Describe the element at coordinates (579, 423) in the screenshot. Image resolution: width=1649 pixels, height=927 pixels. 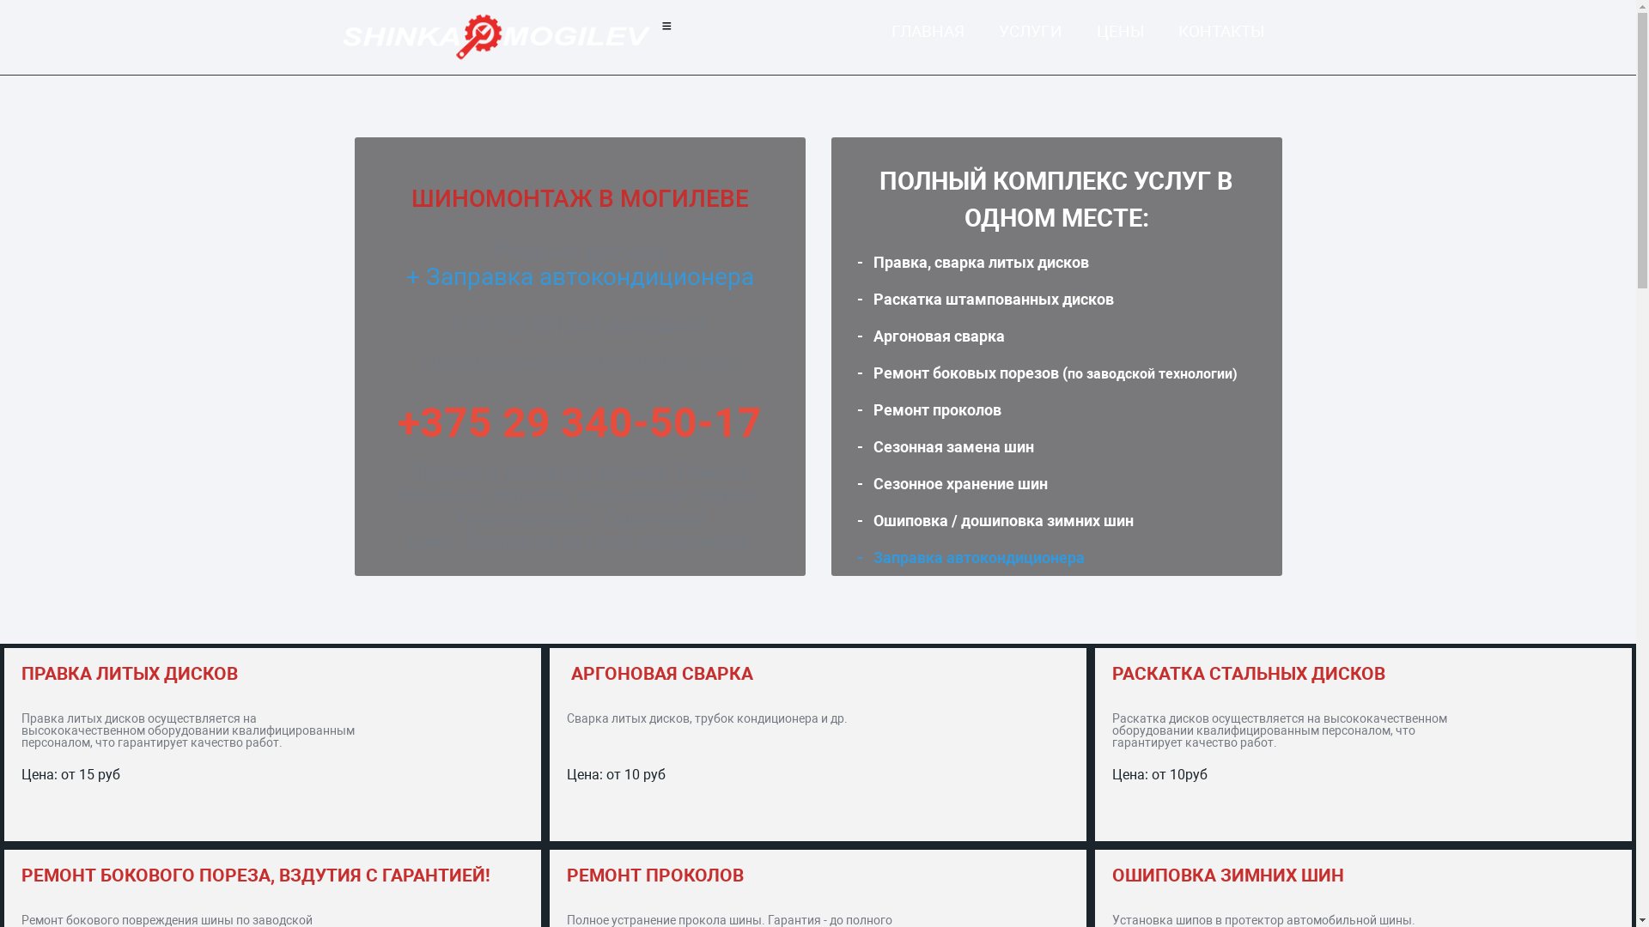
I see `'+375 29 340-50-17'` at that location.